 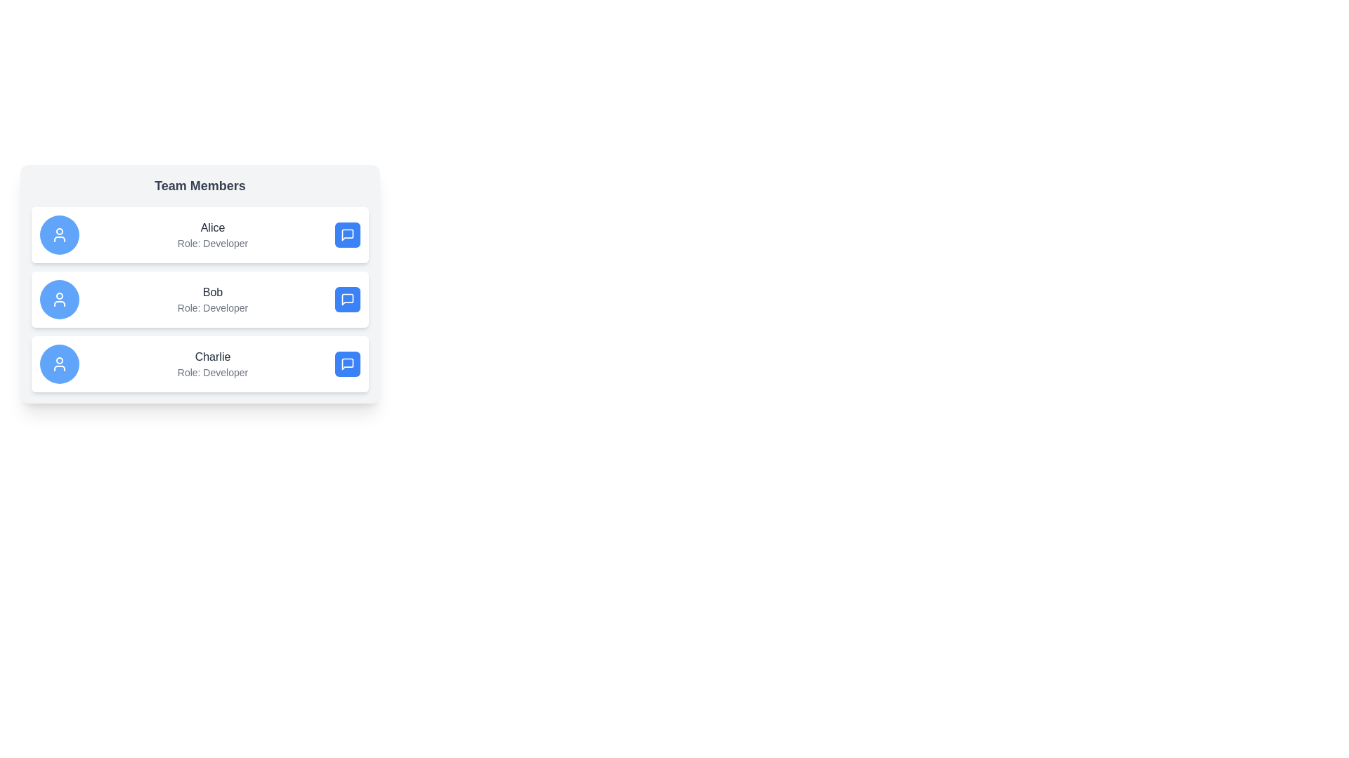 I want to click on the text label displaying the name 'Alice' for copying, which is bold, medium-sized, and medium gray, located above 'Role: Developer' in the team members list, so click(x=211, y=227).